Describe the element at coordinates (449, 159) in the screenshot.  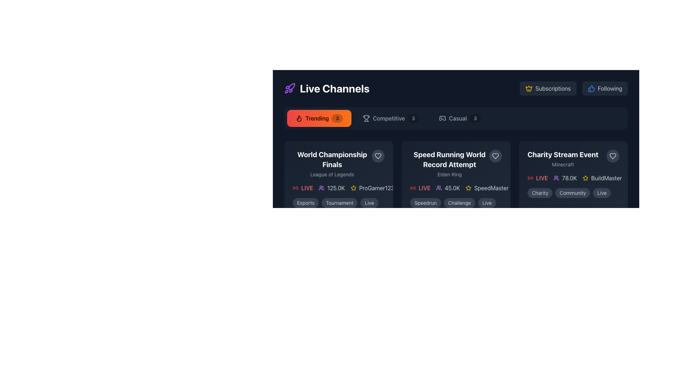
I see `text displayed in the large, bold font labeled 'Speed Running World Record Attempt', which is centrally aligned at the top of the card interface` at that location.